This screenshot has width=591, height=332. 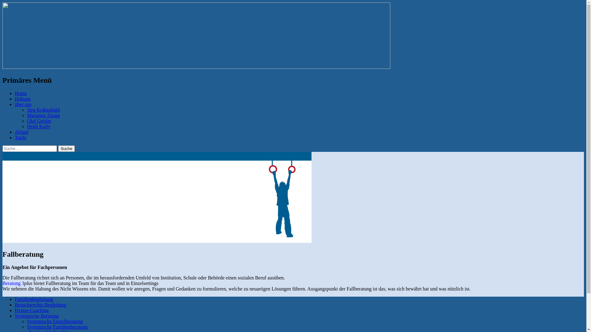 What do you see at coordinates (26, 121) in the screenshot?
I see `'Olaf Geisler'` at bounding box center [26, 121].